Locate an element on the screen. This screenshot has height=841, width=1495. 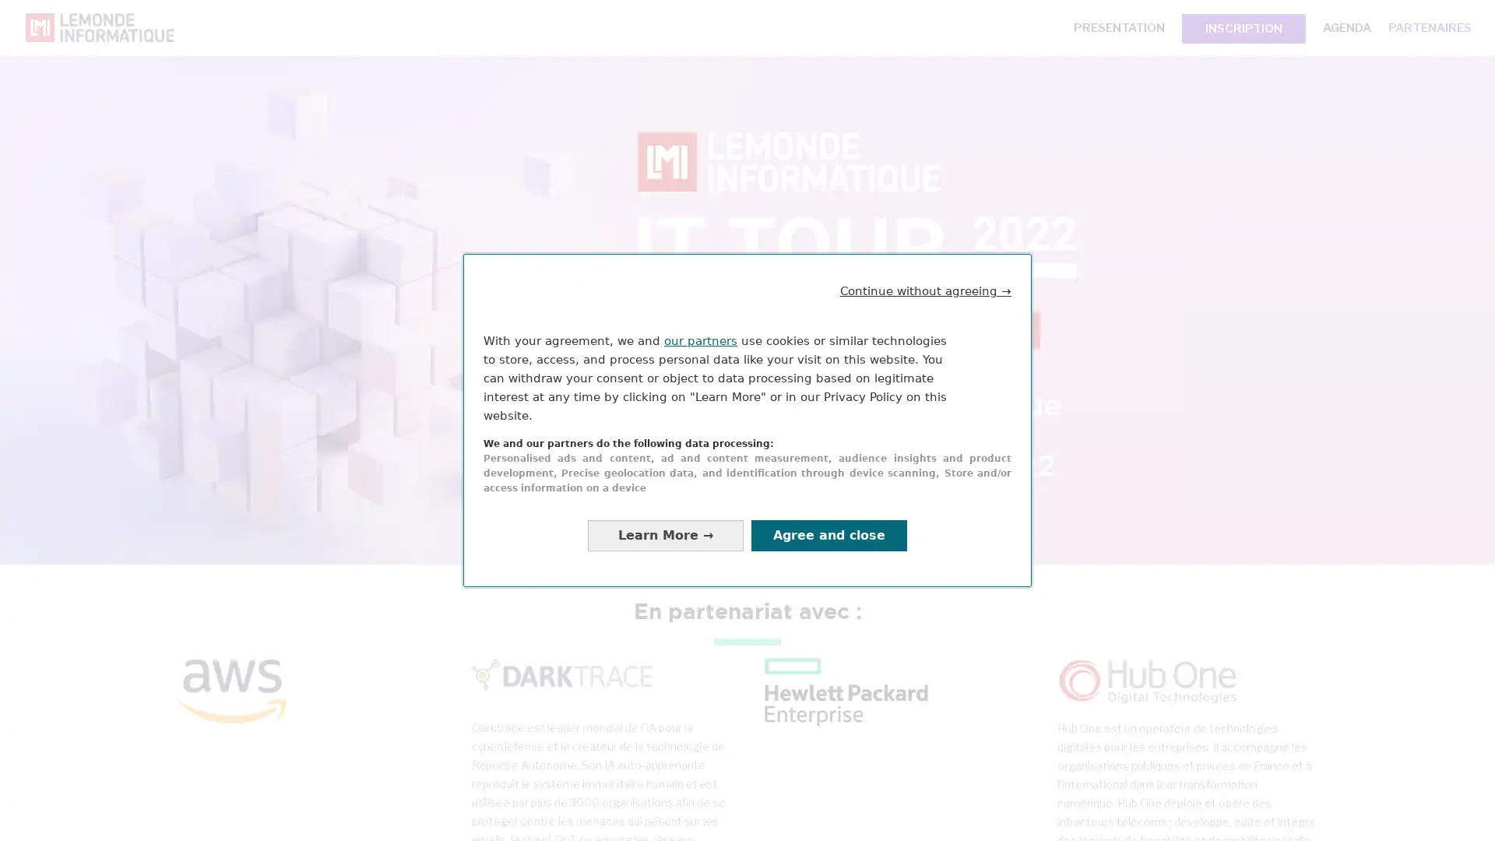
Agree to our data processing and close is located at coordinates (828, 534).